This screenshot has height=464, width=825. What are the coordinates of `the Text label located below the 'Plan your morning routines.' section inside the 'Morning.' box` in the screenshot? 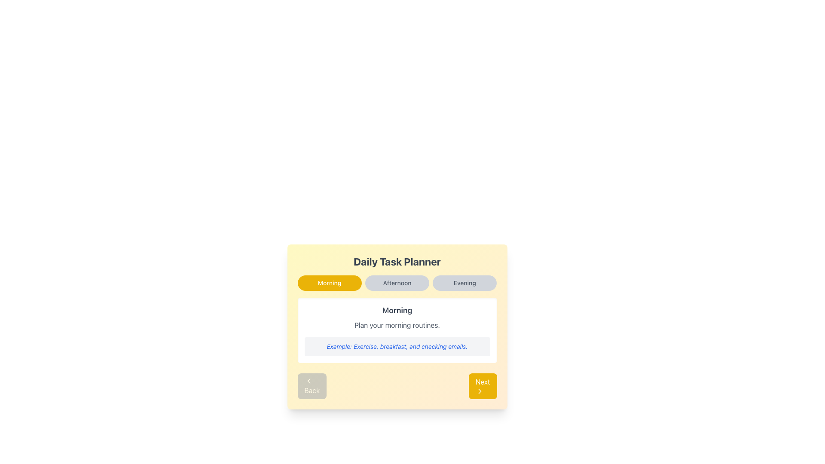 It's located at (397, 346).